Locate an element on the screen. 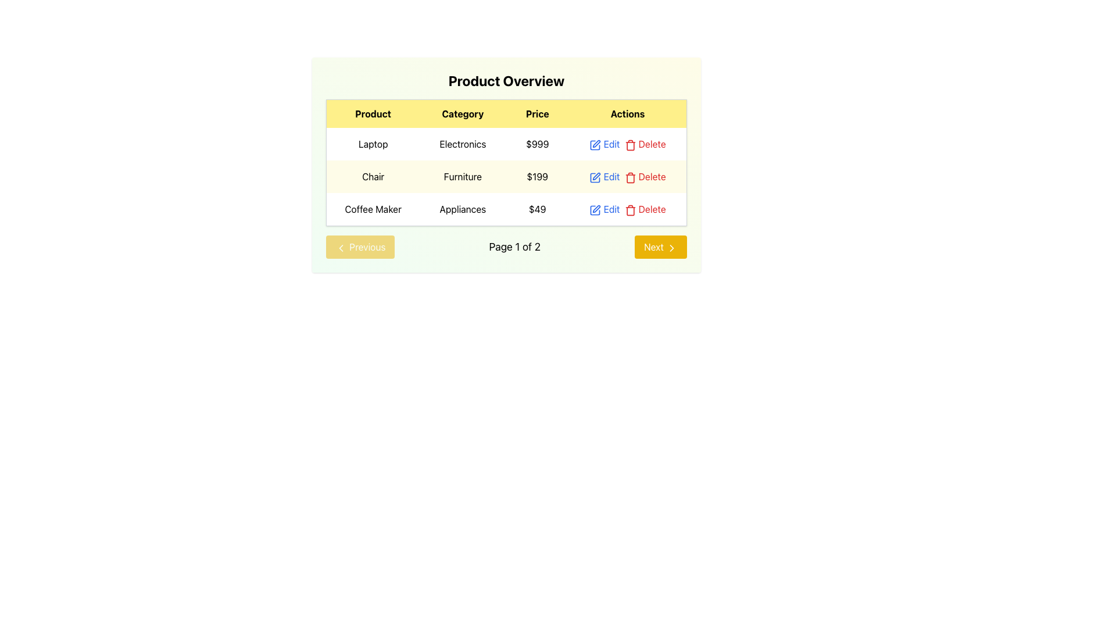 This screenshot has width=1116, height=628. the price text label displaying '$999' for the 'Laptop' in the 'Product Overview' table is located at coordinates (536, 143).